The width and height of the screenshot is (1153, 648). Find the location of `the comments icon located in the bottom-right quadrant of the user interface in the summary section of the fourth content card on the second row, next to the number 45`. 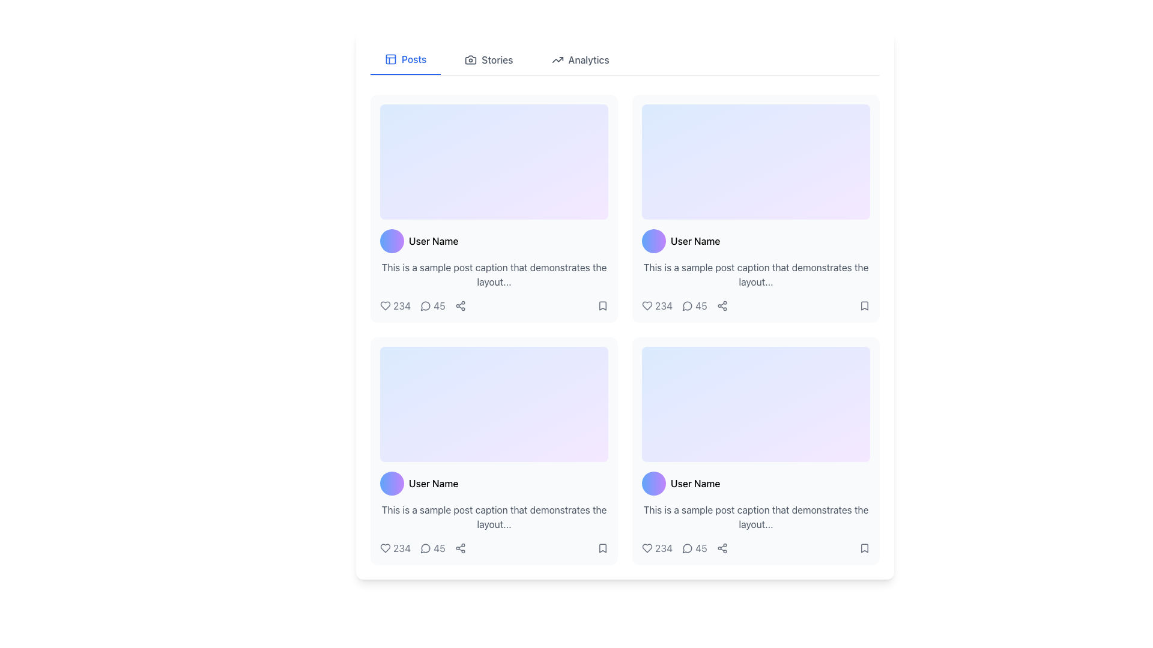

the comments icon located in the bottom-right quadrant of the user interface in the summary section of the fourth content card on the second row, next to the number 45 is located at coordinates (688, 548).